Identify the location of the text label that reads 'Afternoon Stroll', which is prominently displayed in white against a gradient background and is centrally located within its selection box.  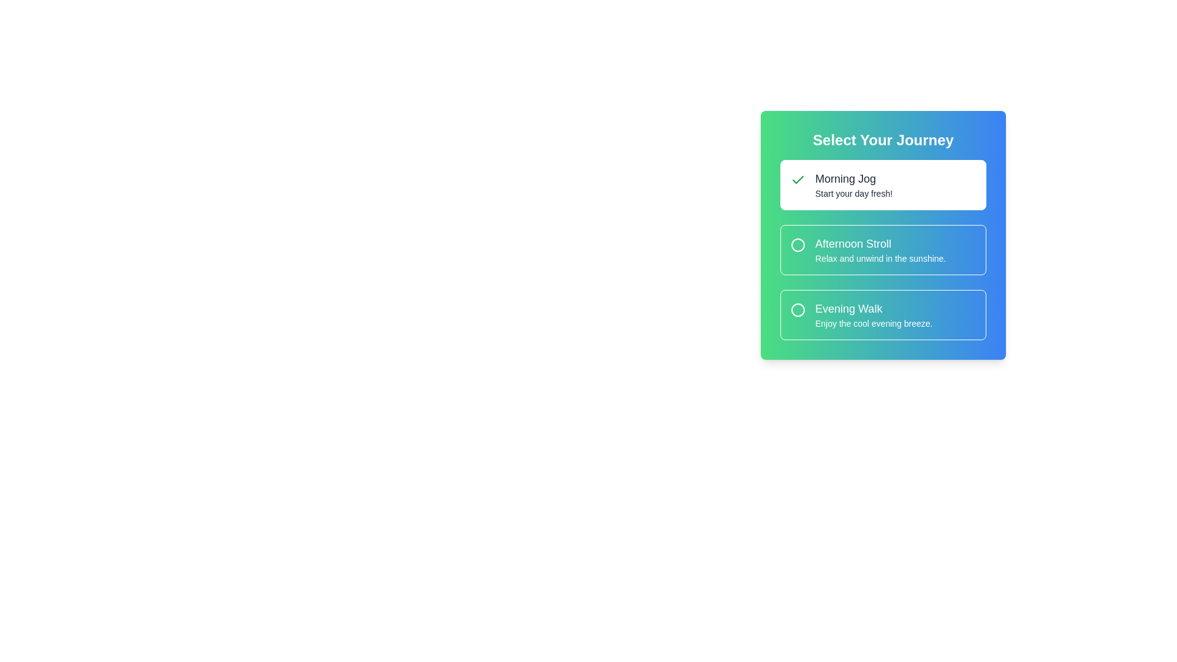
(880, 243).